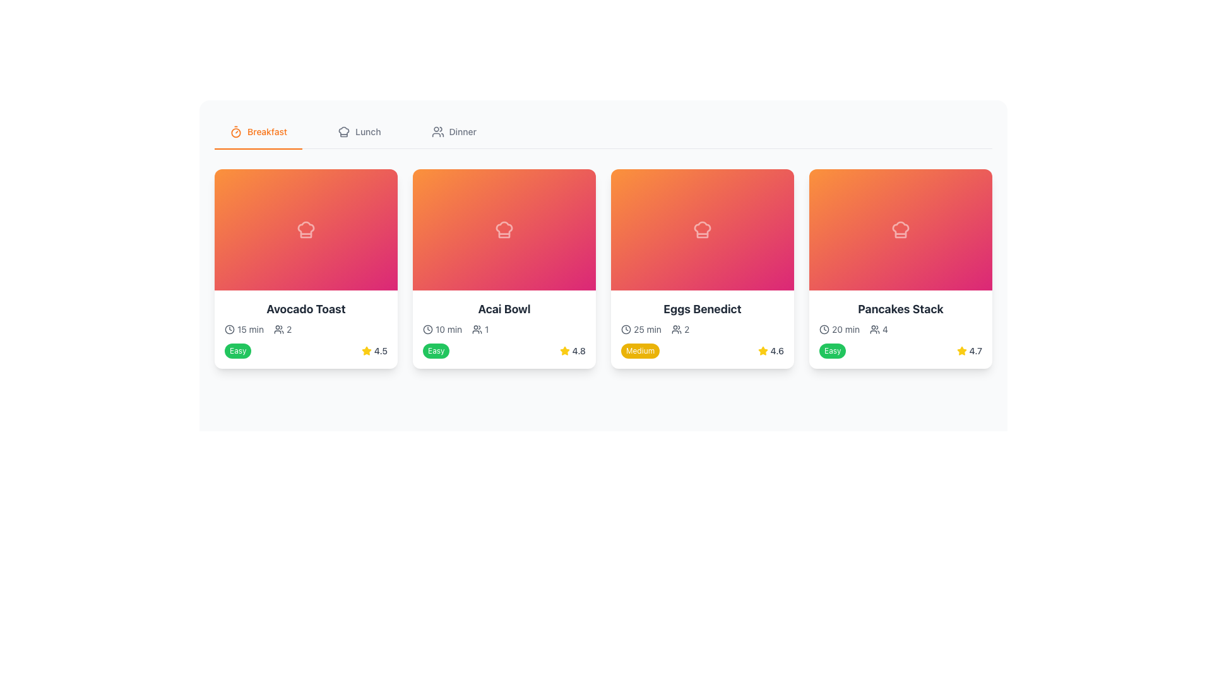 The width and height of the screenshot is (1212, 682). I want to click on the rating icon located at the lower-right side of the fourth card element in the horizontal card list, adjacent to the numeric rating score, so click(961, 350).